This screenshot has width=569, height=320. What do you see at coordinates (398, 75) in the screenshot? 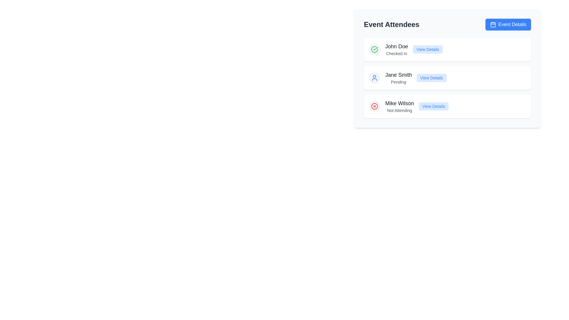
I see `text content of the 'Jane Smith' label, which is displayed in a large, bold, dark grey font above the text 'Pending'` at bounding box center [398, 75].